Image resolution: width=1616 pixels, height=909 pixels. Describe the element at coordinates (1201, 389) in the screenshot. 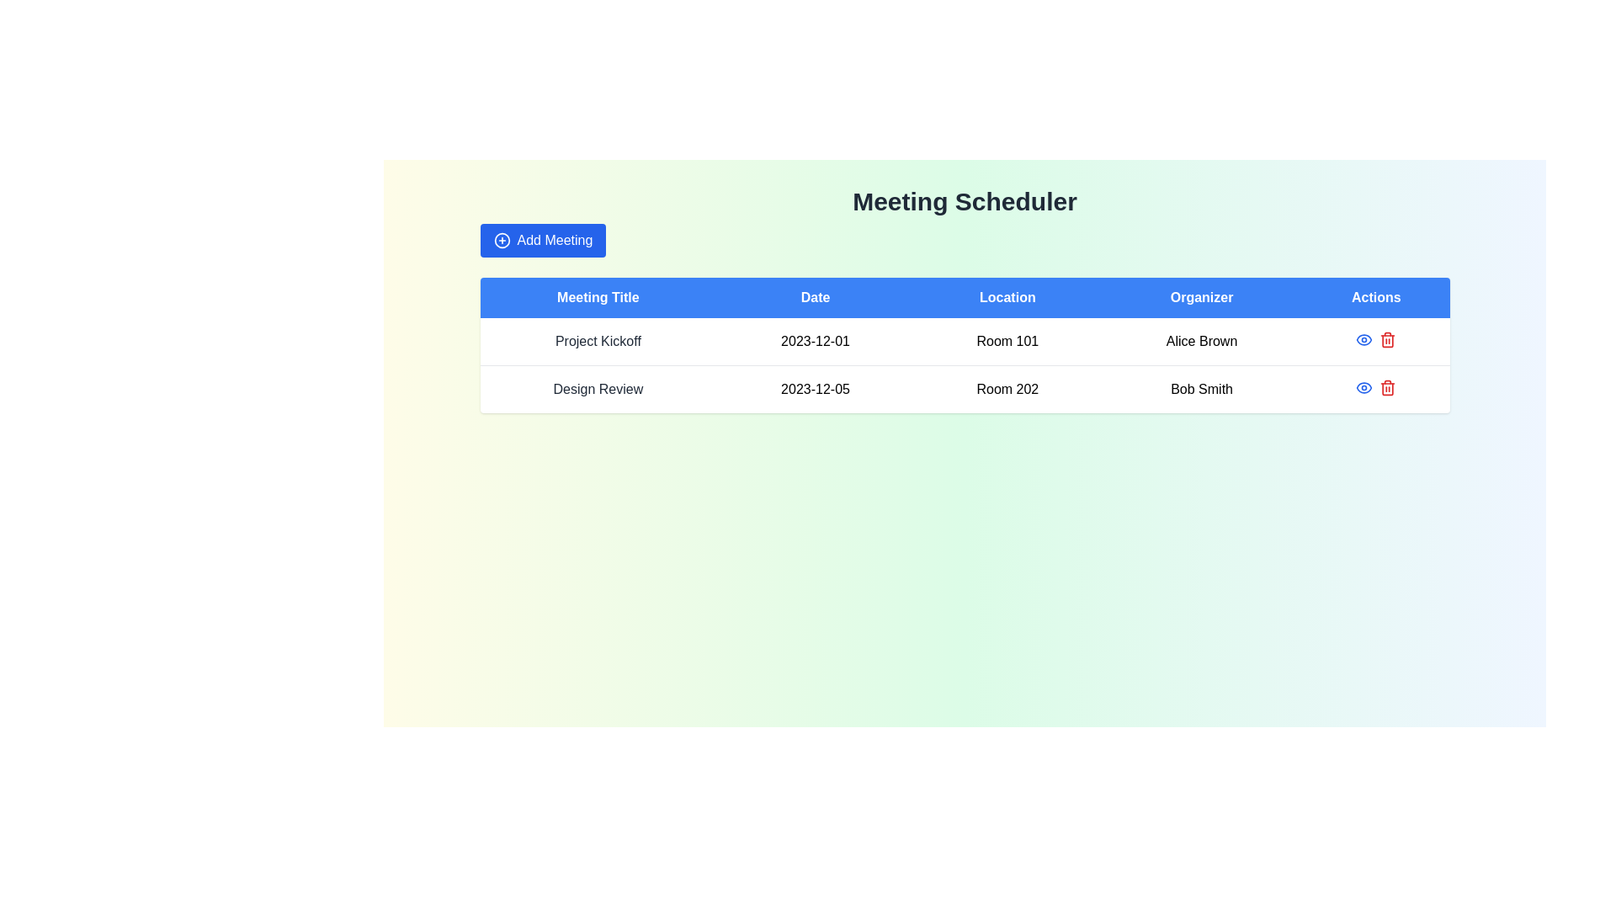

I see `the Table Cell displaying the organizer's name for the event in the fourth column of the second row, located under the 'Organizer' header` at that location.